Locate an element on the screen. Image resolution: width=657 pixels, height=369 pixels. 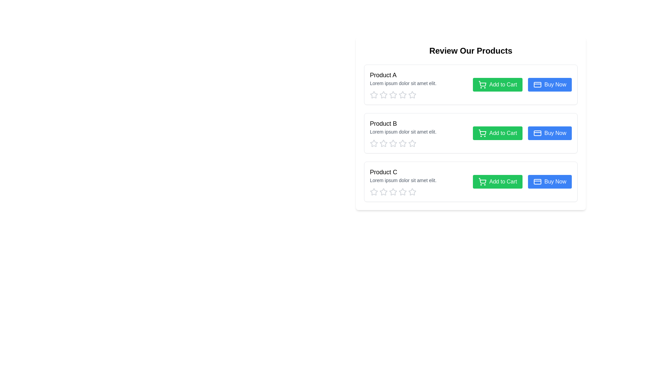
the third star in the second row of the product rating interface is located at coordinates (393, 143).